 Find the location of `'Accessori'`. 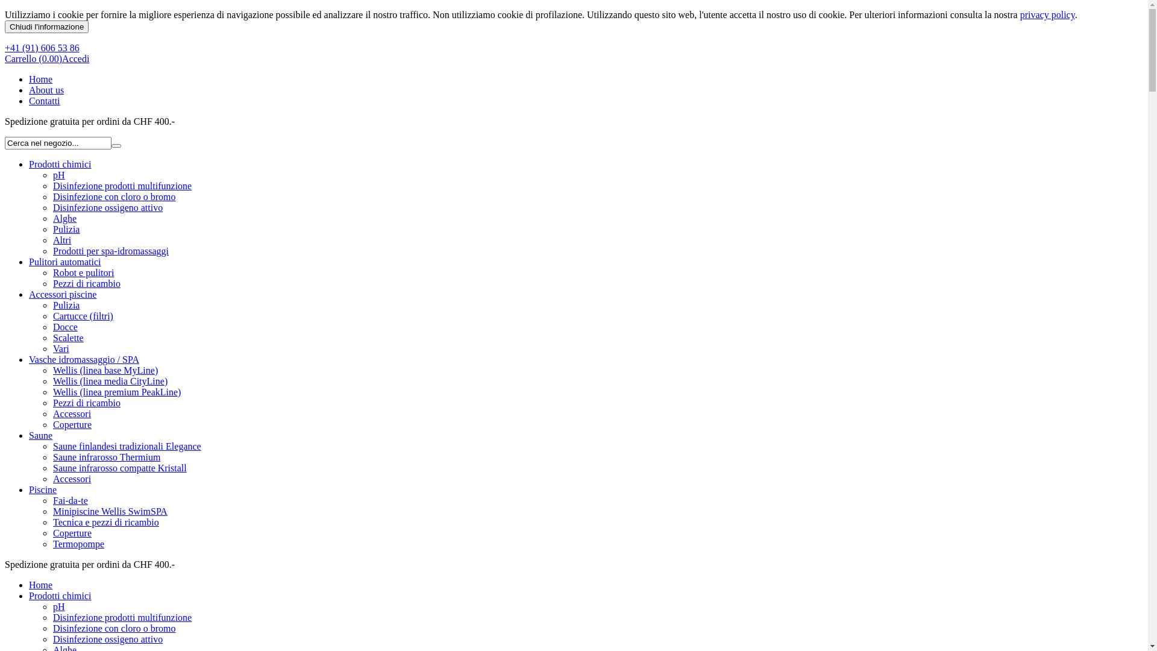

'Accessori' is located at coordinates (71, 478).